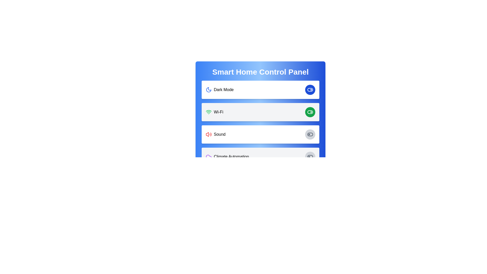 The width and height of the screenshot is (487, 274). Describe the element at coordinates (310, 134) in the screenshot. I see `the toggle switch for the 'Sound' feature in the 'Smart Home Control Panel'` at that location.